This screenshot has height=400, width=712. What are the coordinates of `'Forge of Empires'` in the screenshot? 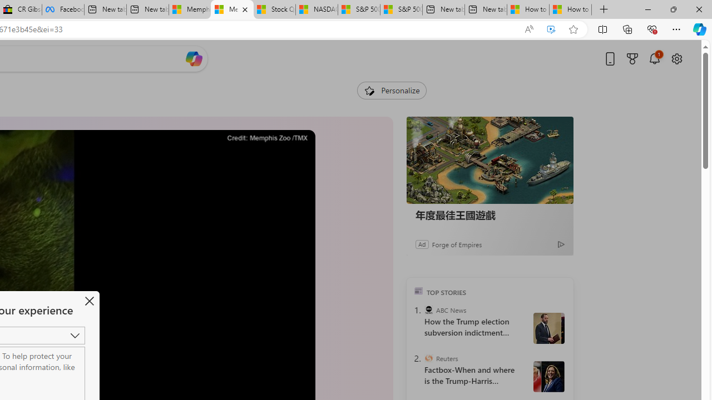 It's located at (457, 243).